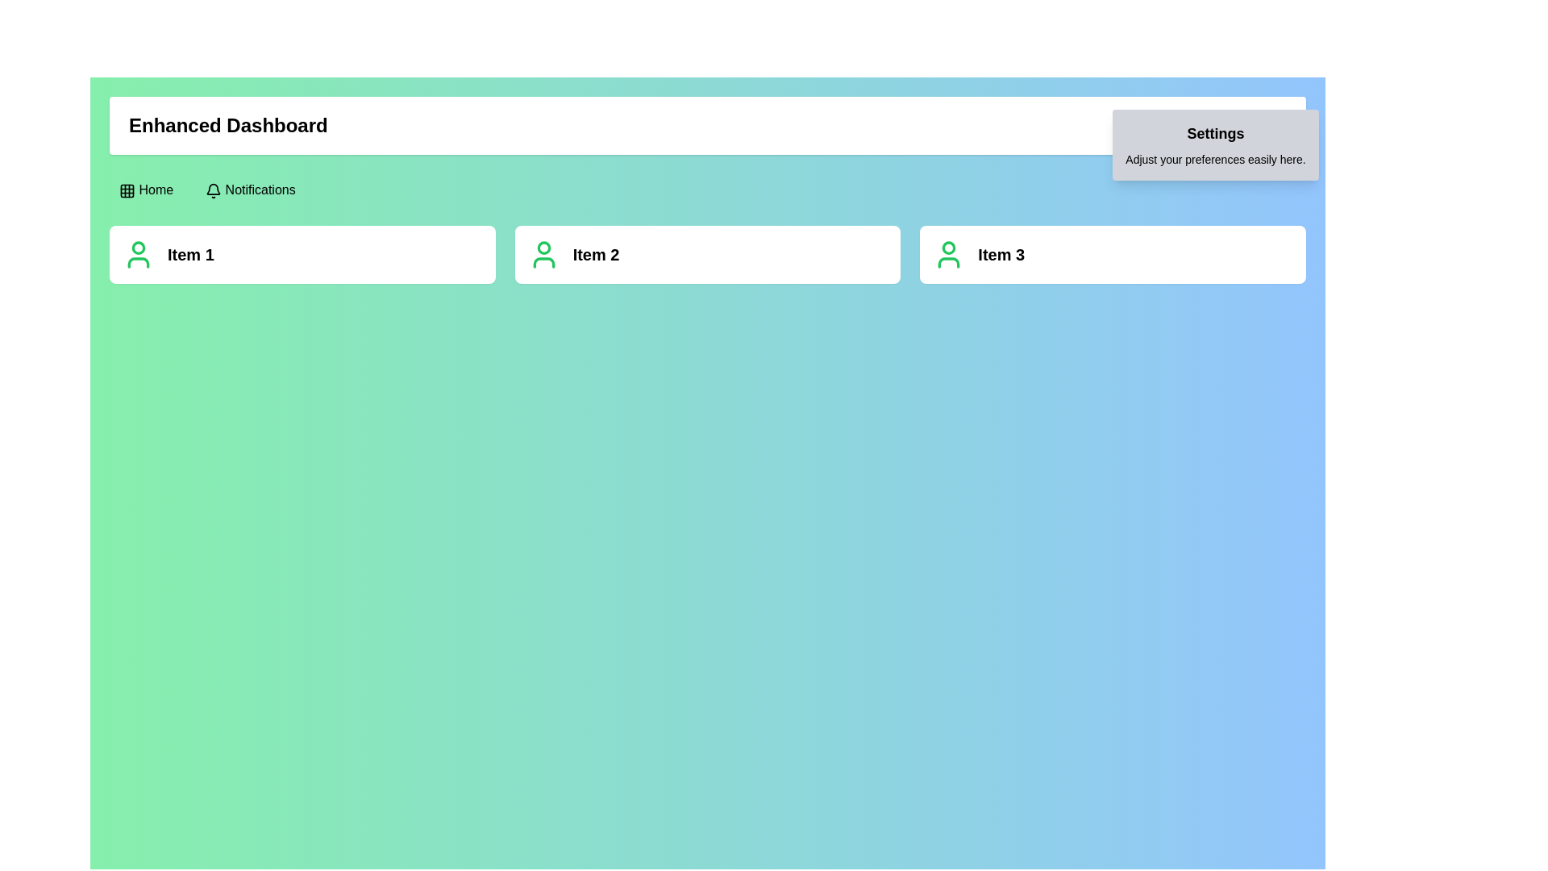 The height and width of the screenshot is (871, 1548). I want to click on the center square grid cell of the 3x3 grid icon located in the top-left corner of the interface, so click(127, 189).